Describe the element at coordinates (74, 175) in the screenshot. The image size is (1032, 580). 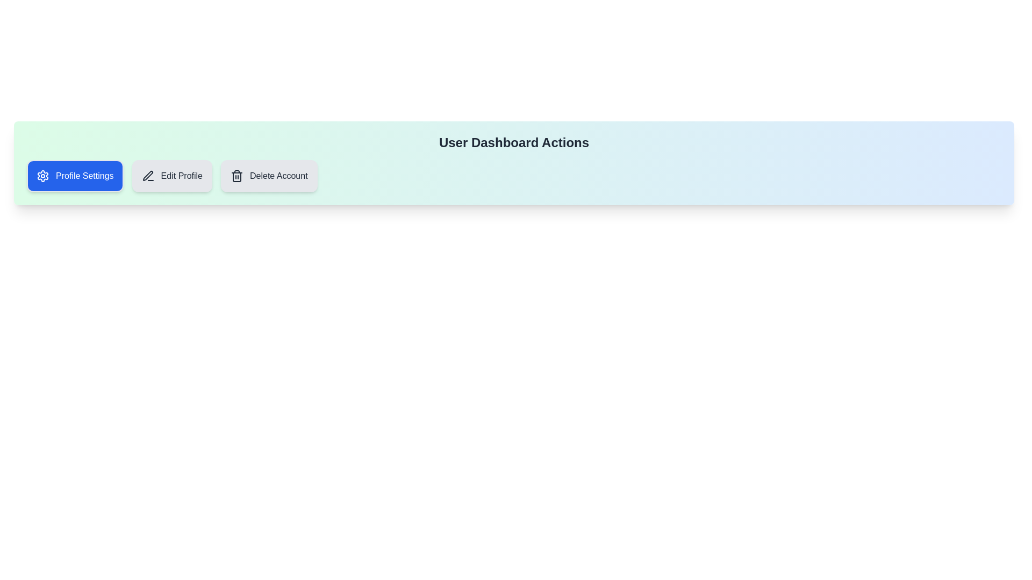
I see `the chip labeled Profile Settings` at that location.